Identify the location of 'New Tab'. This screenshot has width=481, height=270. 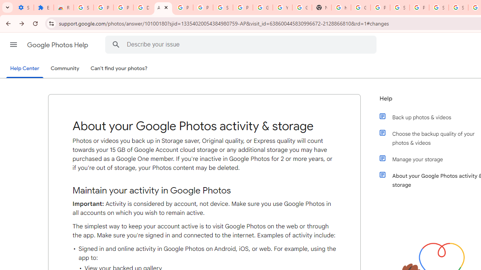
(321, 7).